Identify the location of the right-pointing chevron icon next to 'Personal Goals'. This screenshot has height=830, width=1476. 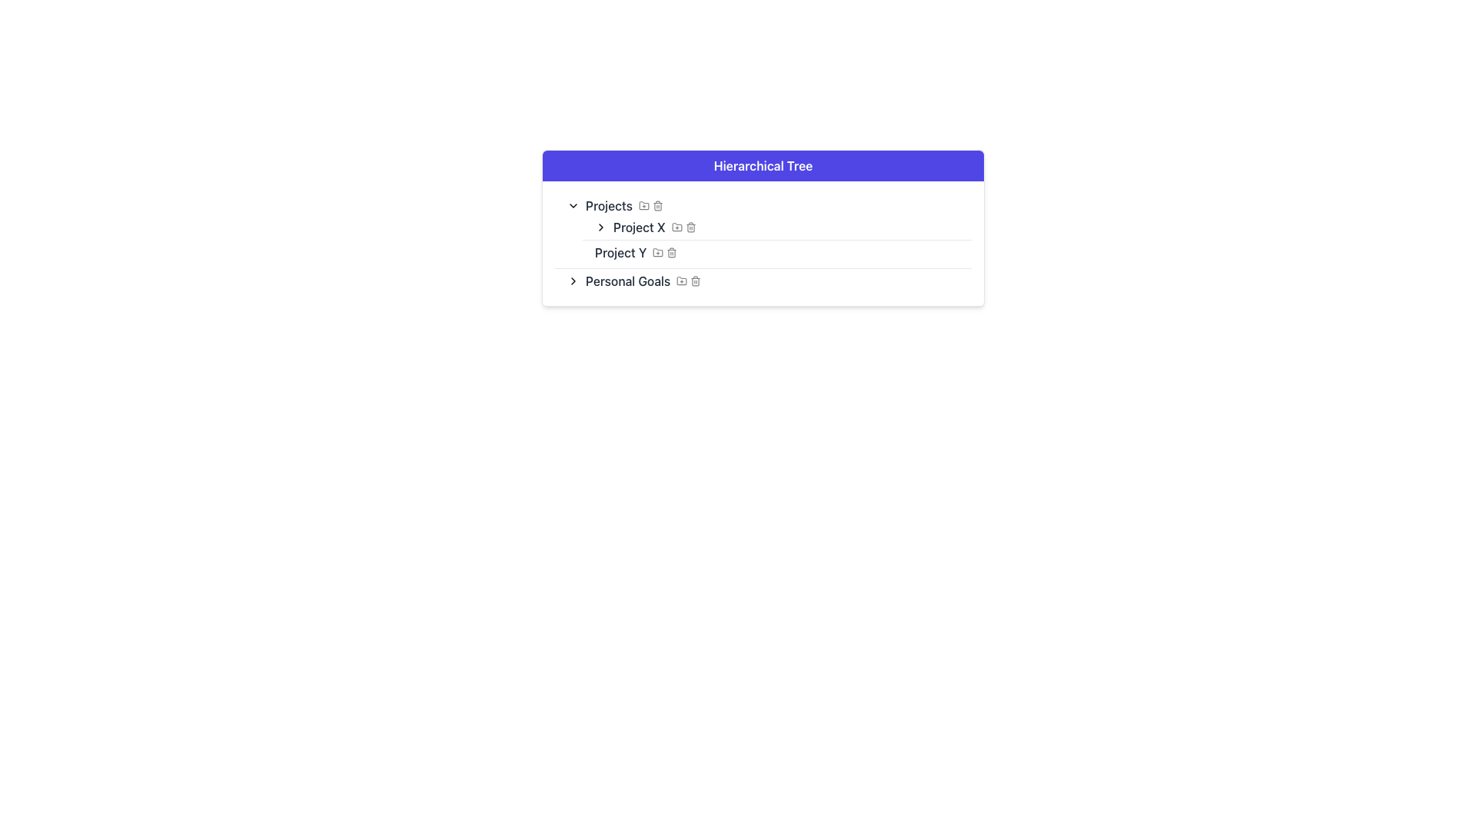
(572, 281).